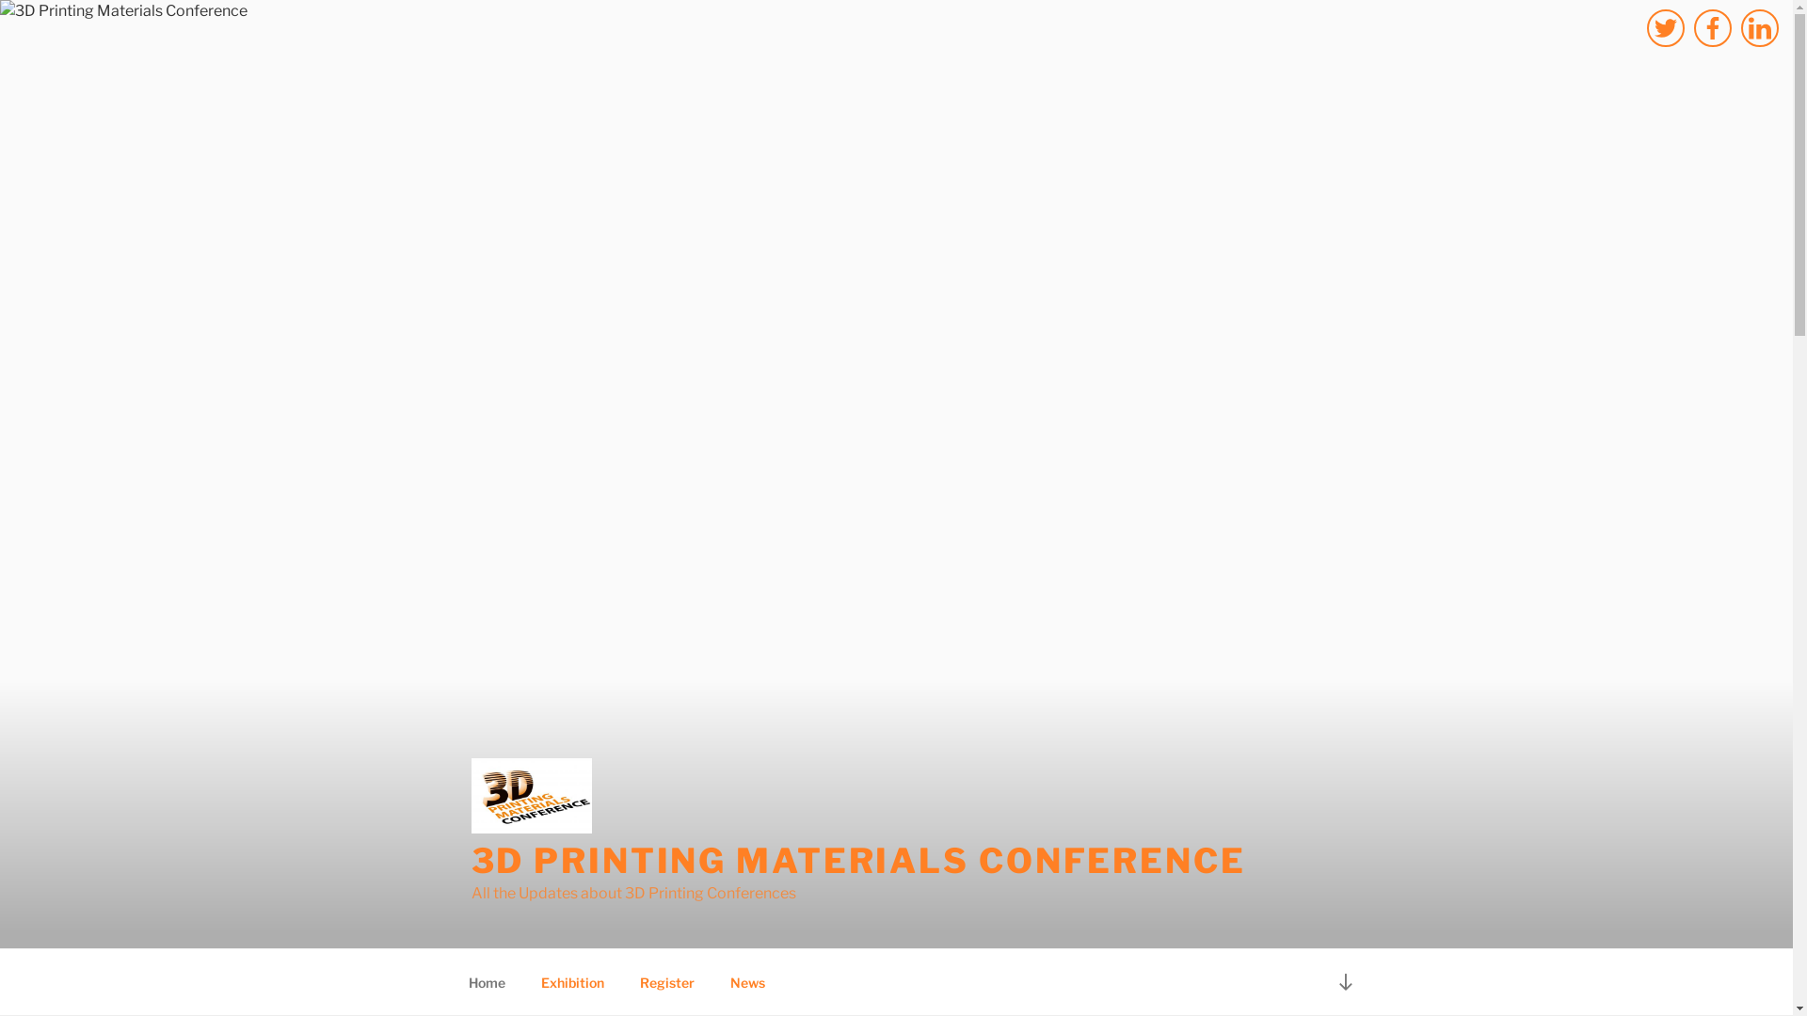 This screenshot has height=1016, width=1807. What do you see at coordinates (856, 860) in the screenshot?
I see `'3D PRINTING MATERIALS CONFERENCE'` at bounding box center [856, 860].